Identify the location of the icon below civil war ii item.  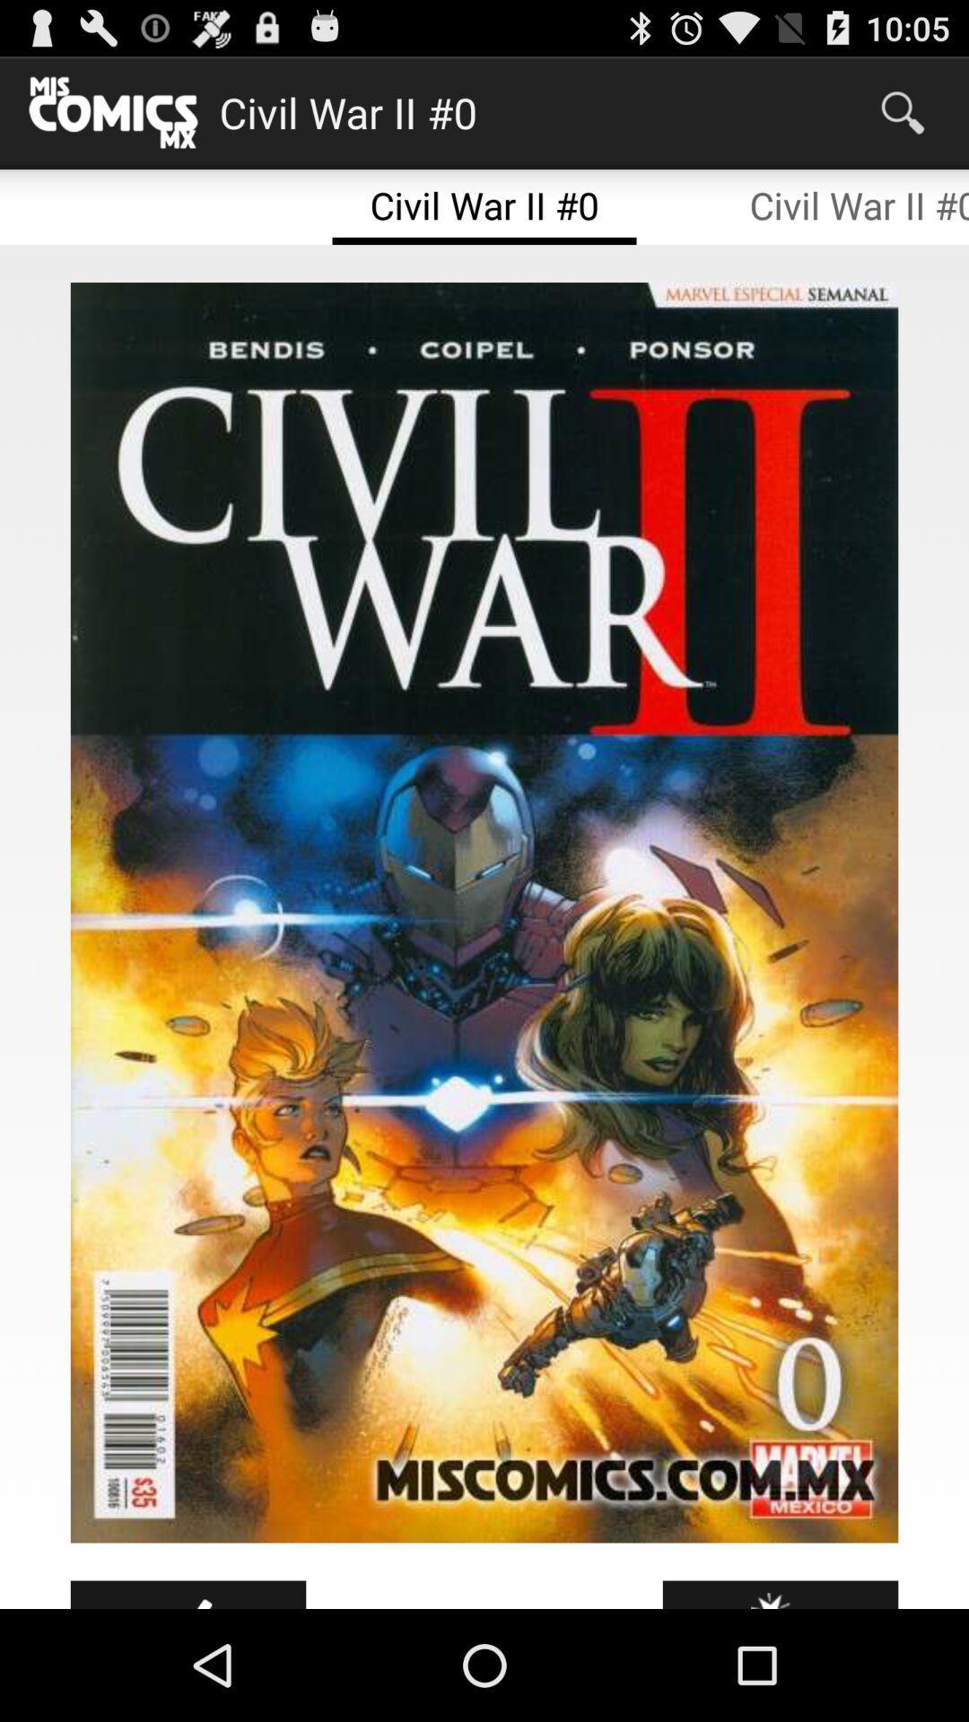
(484, 912).